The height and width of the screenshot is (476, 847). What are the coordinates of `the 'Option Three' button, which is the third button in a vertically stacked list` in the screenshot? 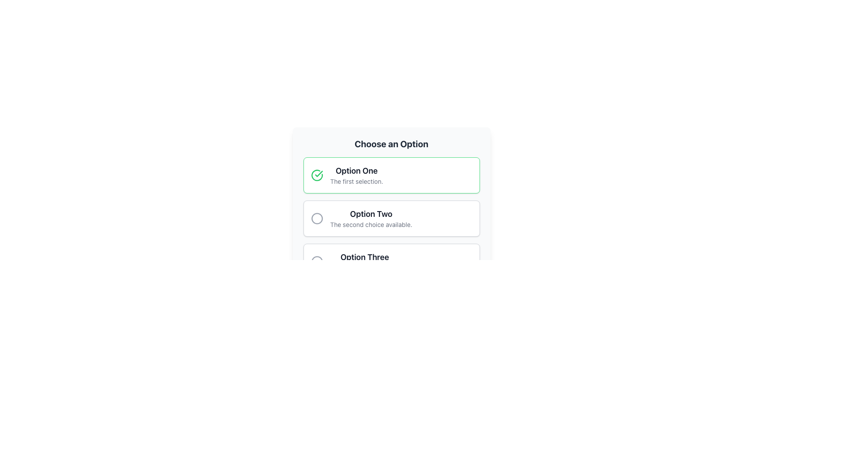 It's located at (391, 261).